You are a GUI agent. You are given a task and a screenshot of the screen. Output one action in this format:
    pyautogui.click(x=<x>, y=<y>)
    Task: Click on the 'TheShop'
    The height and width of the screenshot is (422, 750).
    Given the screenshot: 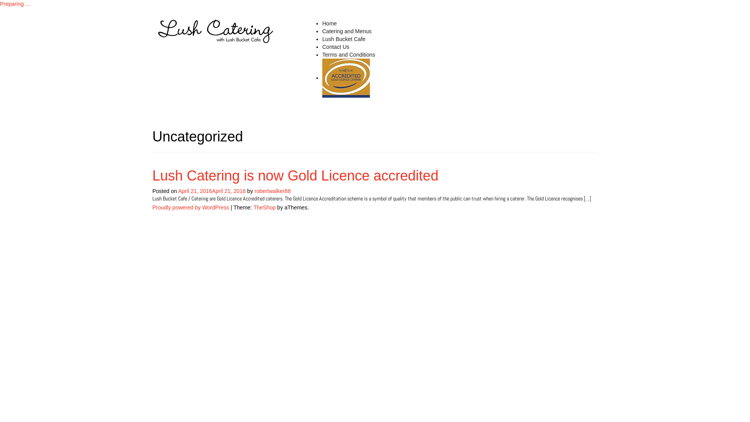 What is the action you would take?
    pyautogui.click(x=253, y=207)
    